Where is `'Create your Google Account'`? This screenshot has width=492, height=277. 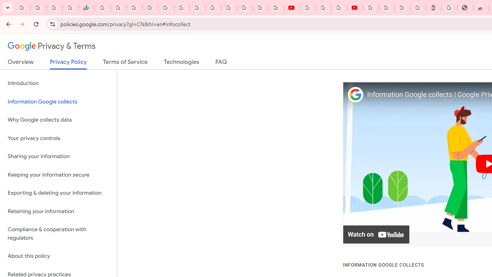
'Create your Google Account' is located at coordinates (338, 8).